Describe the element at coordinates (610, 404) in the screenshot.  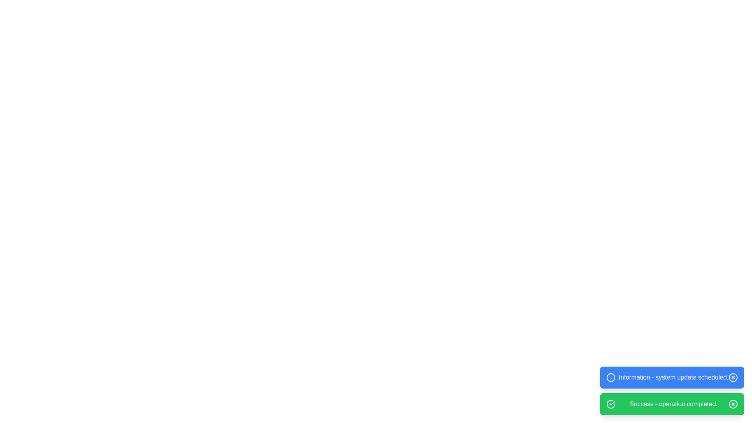
I see `the green circular decorative icon with a white checkmark, indicating a success state, located in the green notification bar below the blue notification bar` at that location.